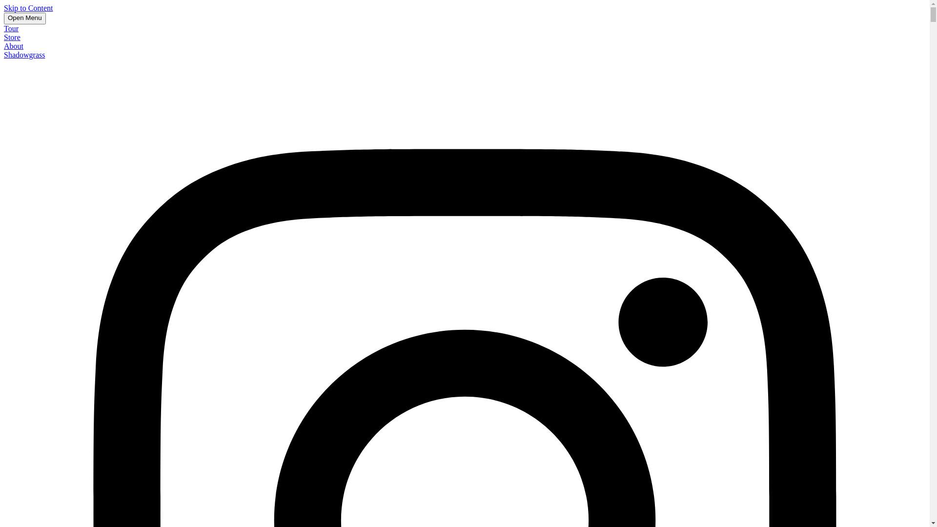 The image size is (937, 527). What do you see at coordinates (14, 46) in the screenshot?
I see `'About'` at bounding box center [14, 46].